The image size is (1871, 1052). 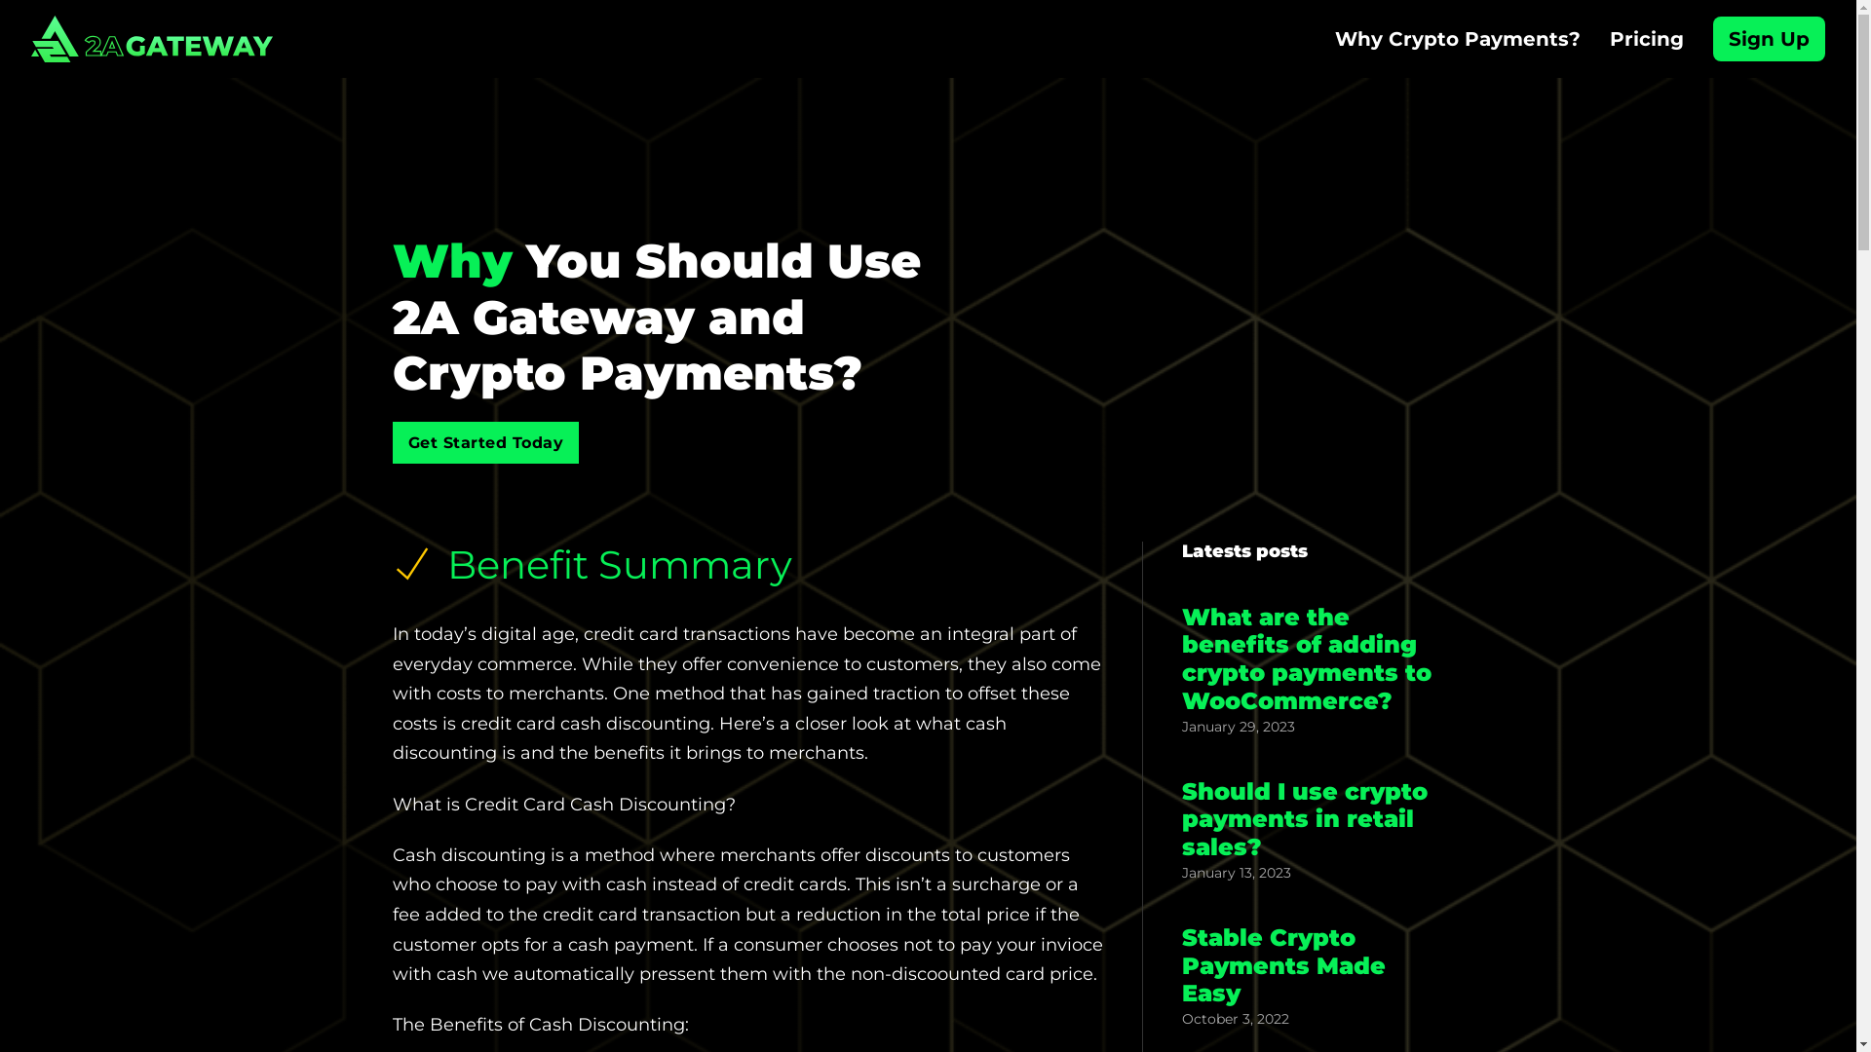 What do you see at coordinates (1769, 38) in the screenshot?
I see `'Sign Up'` at bounding box center [1769, 38].